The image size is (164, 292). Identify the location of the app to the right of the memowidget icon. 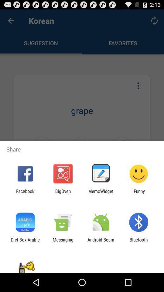
(138, 193).